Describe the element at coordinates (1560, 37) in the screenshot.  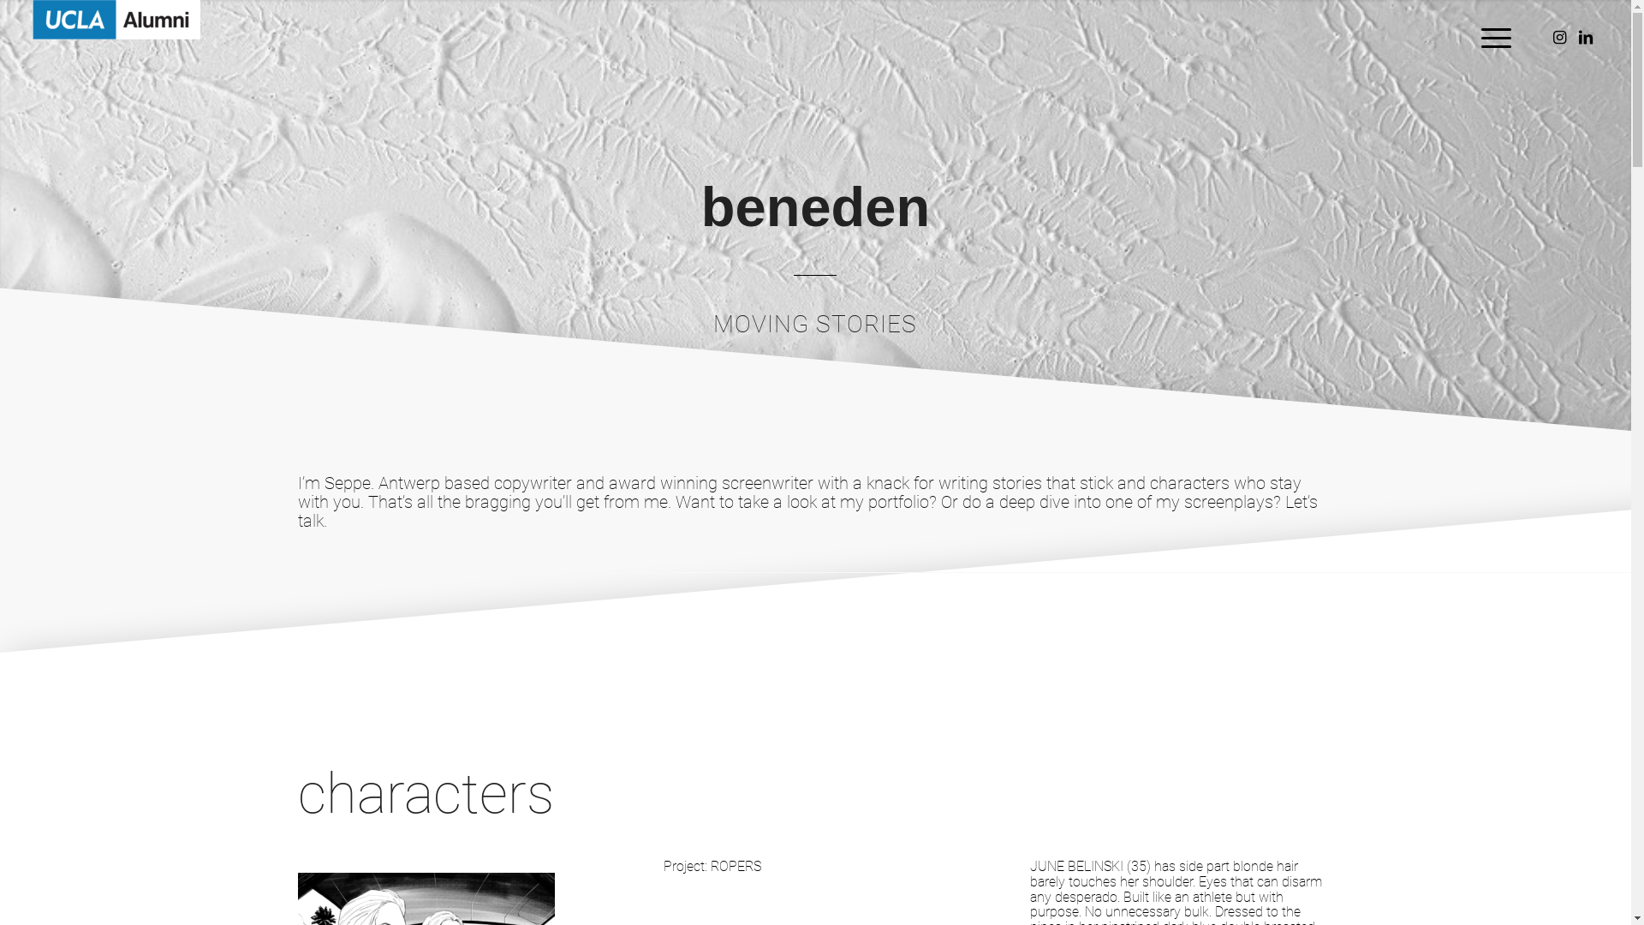
I see `'Instagram'` at that location.